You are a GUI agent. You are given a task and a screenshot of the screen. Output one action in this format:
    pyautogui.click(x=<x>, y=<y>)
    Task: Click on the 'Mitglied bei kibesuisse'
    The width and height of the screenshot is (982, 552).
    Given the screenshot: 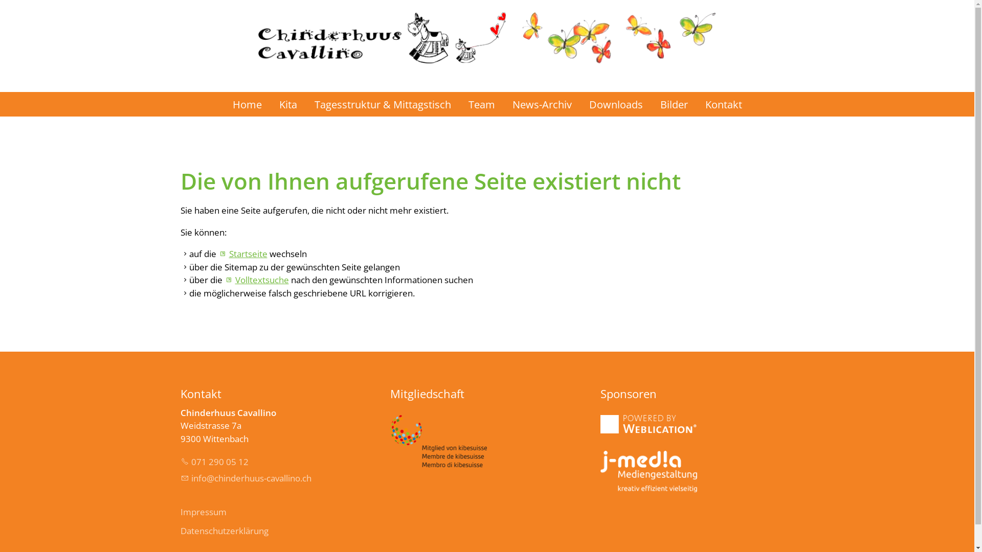 What is the action you would take?
    pyautogui.click(x=438, y=441)
    